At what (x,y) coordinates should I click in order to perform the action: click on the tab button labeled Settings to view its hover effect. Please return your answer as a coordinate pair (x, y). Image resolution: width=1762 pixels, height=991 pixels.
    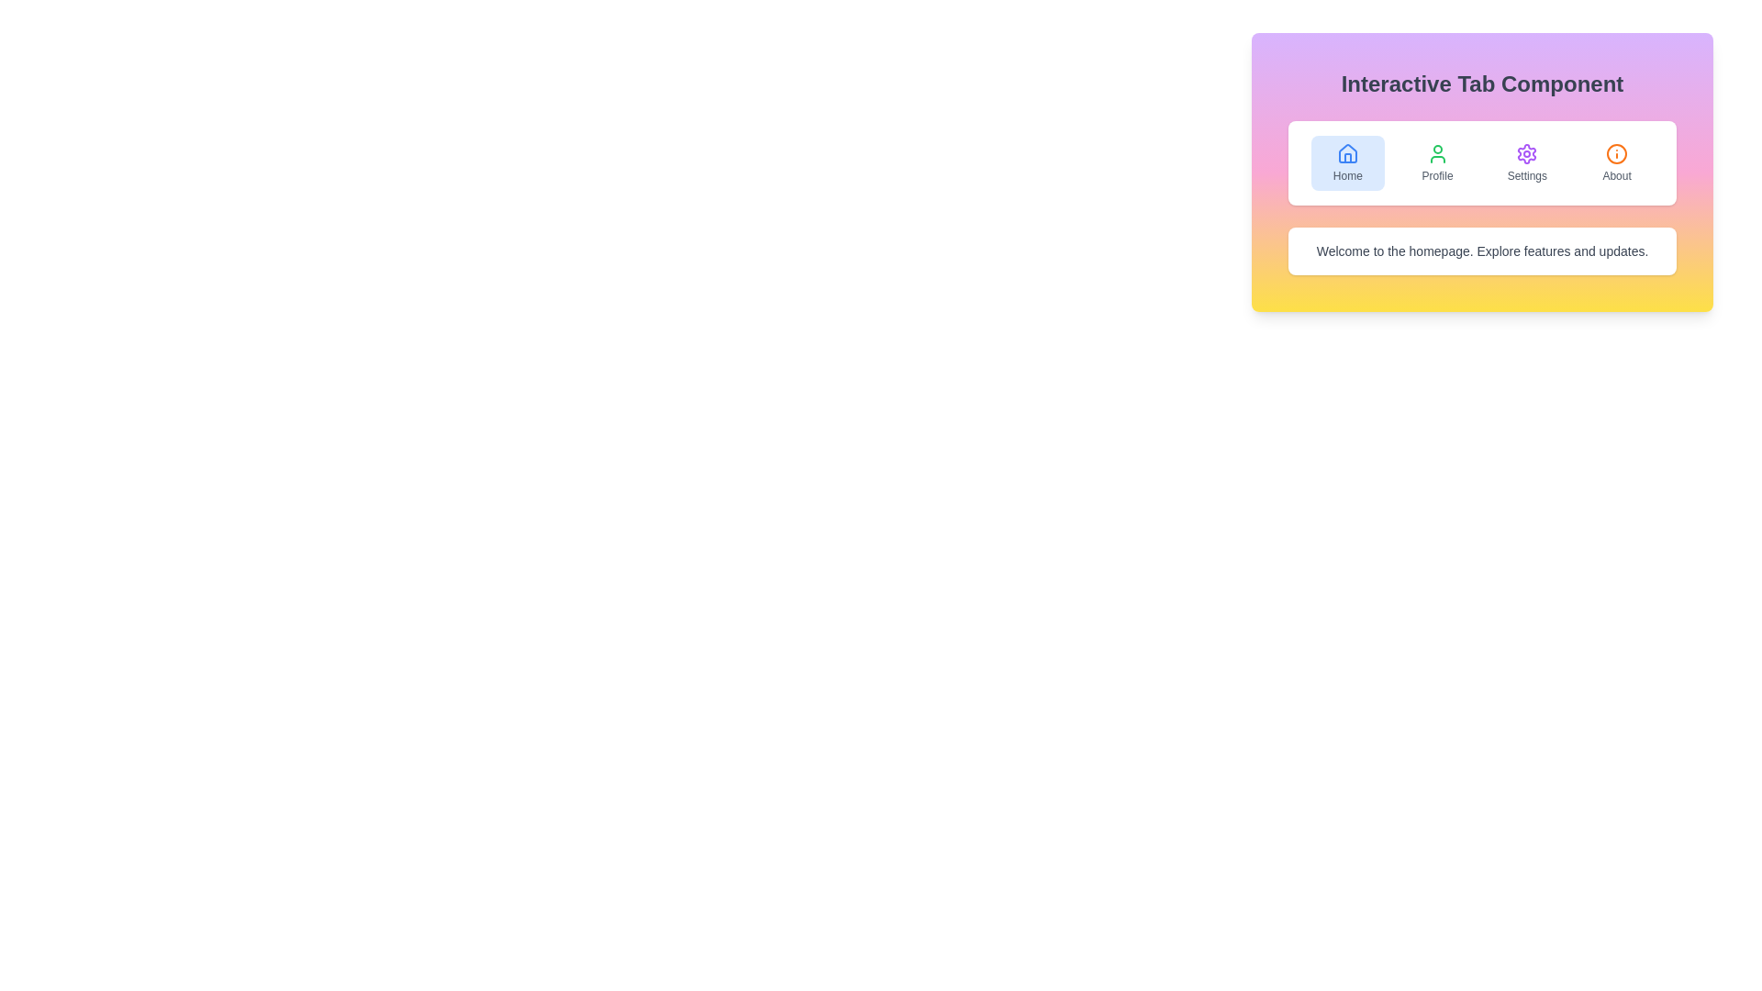
    Looking at the image, I should click on (1527, 161).